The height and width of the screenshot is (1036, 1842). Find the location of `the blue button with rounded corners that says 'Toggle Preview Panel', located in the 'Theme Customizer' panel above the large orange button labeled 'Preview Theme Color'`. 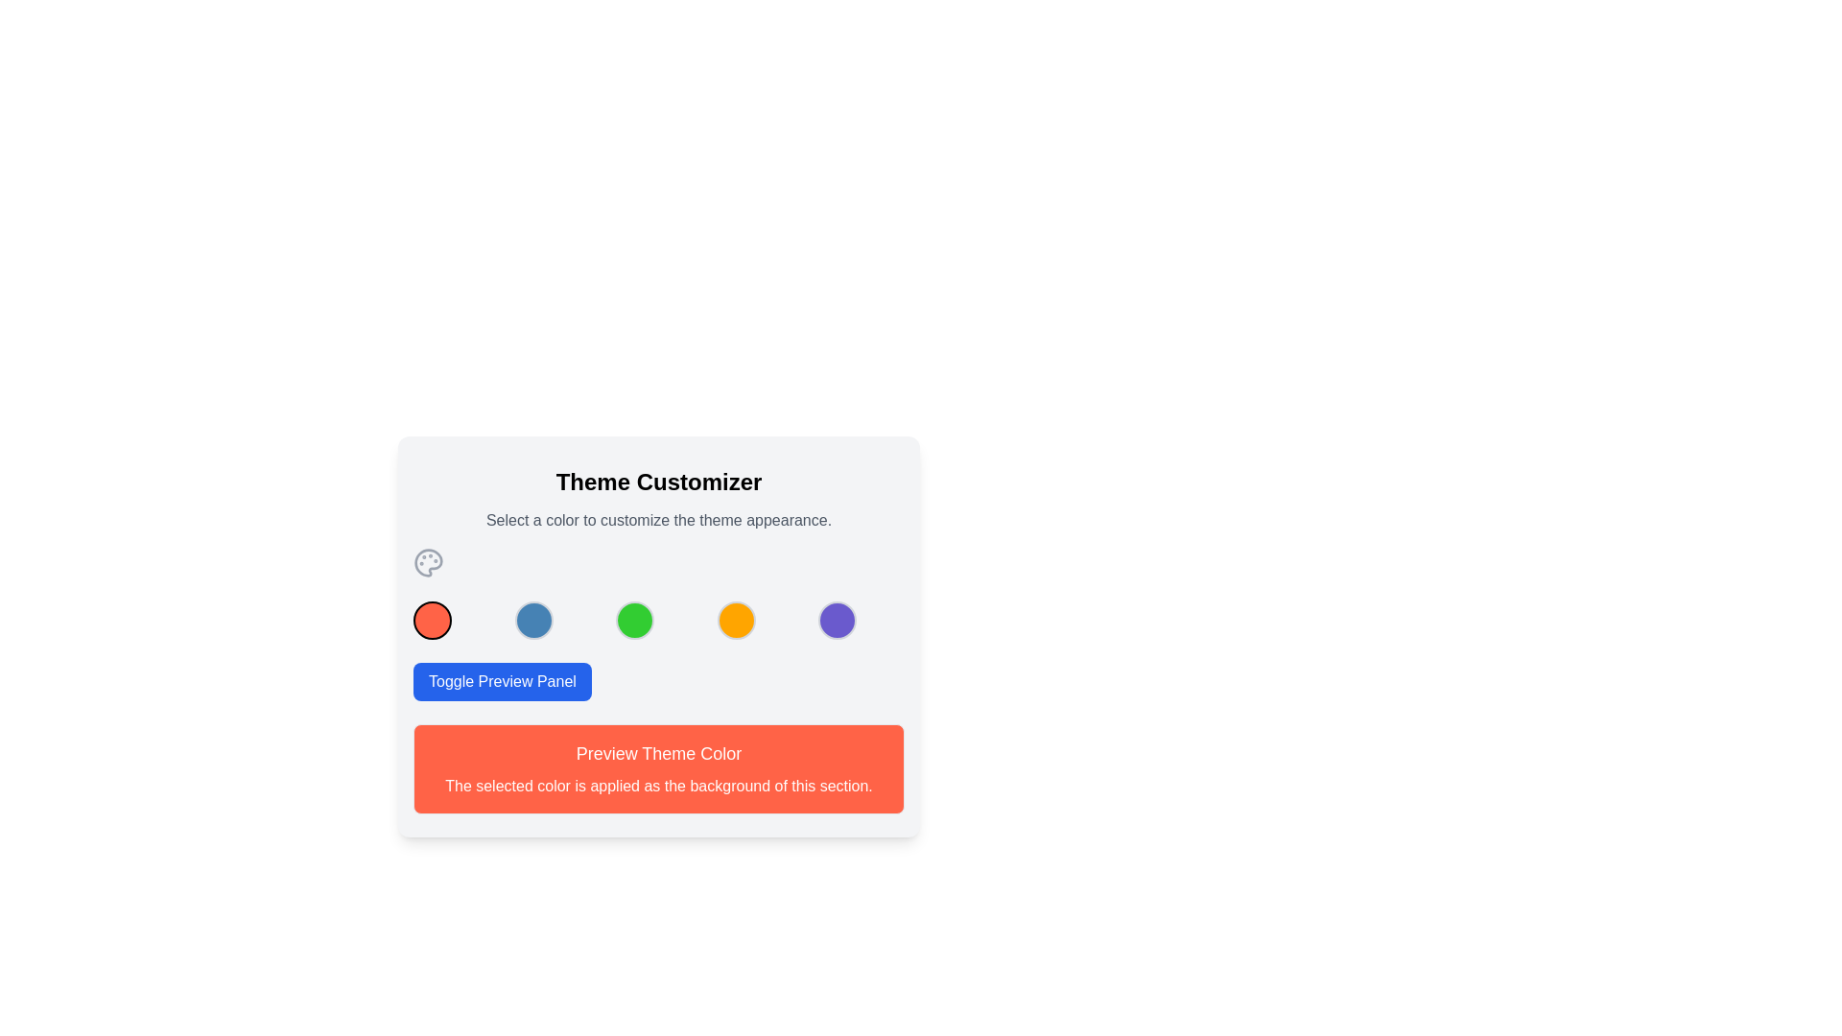

the blue button with rounded corners that says 'Toggle Preview Panel', located in the 'Theme Customizer' panel above the large orange button labeled 'Preview Theme Color' is located at coordinates (502, 680).